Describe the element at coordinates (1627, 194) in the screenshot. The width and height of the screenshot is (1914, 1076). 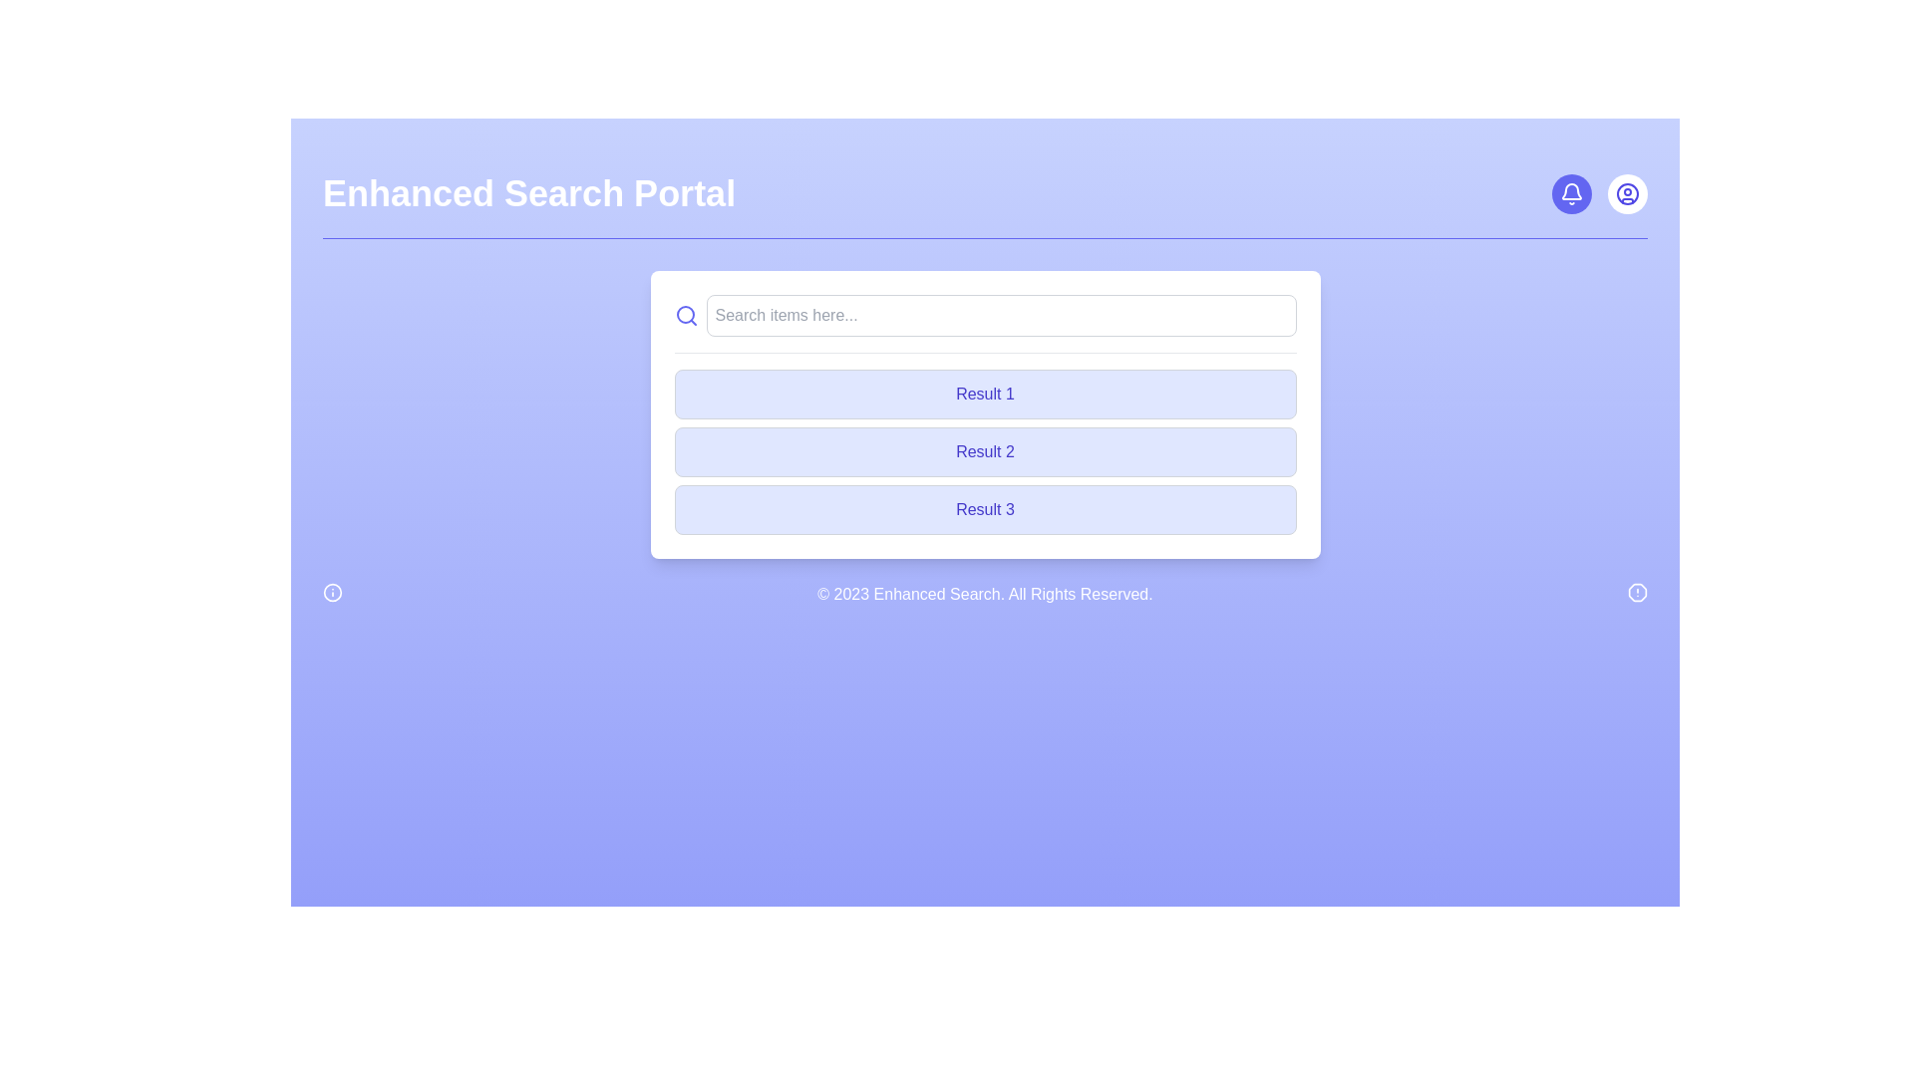
I see `the decorative circular border surrounding the user account icon located in the upper-right corner of the interface` at that location.